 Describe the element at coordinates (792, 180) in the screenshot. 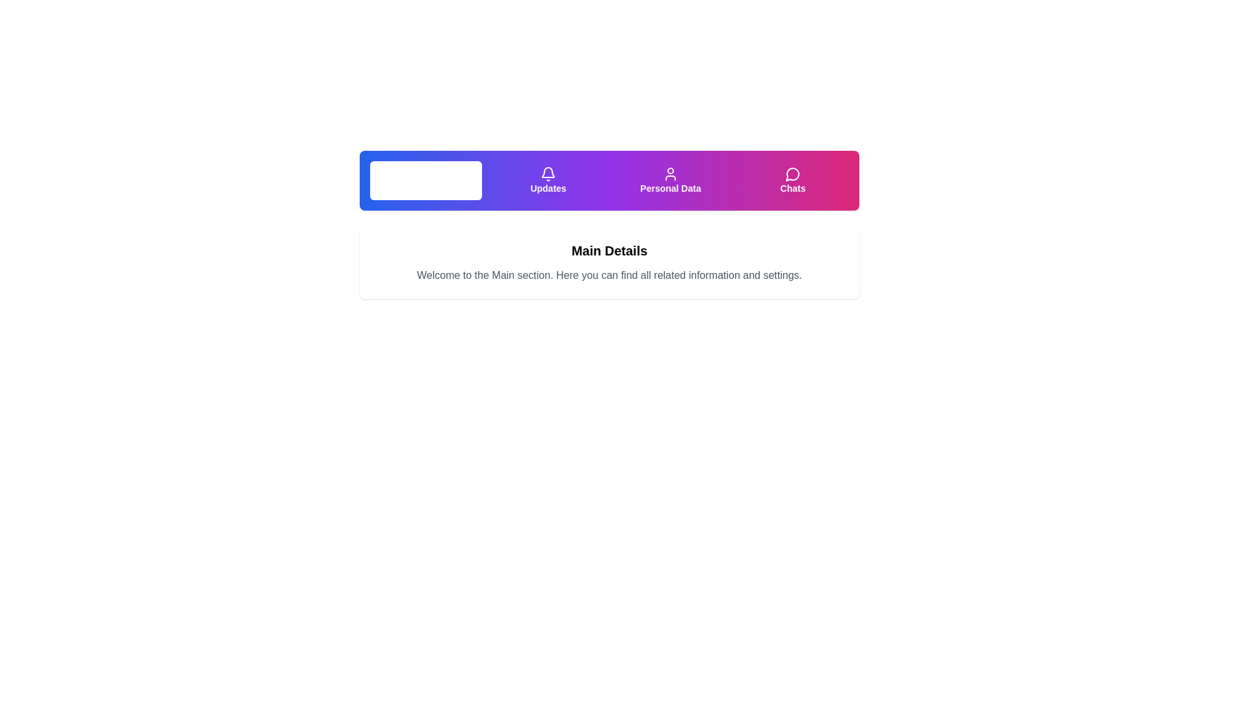

I see `the navigational button for chats, which is the fourth item in the menu bar` at that location.